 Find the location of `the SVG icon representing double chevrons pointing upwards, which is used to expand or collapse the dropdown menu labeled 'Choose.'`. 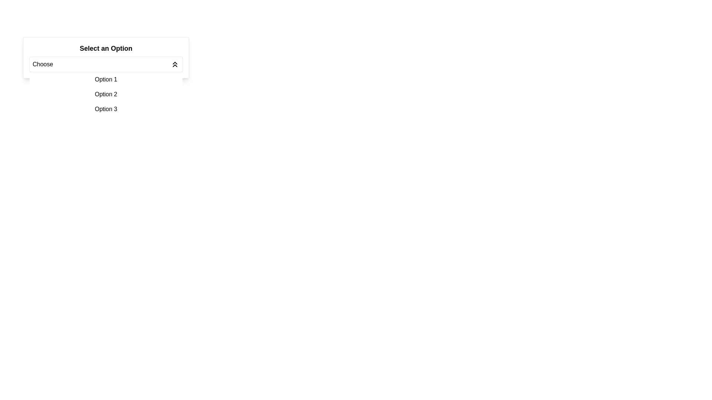

the SVG icon representing double chevrons pointing upwards, which is used to expand or collapse the dropdown menu labeled 'Choose.' is located at coordinates (174, 64).